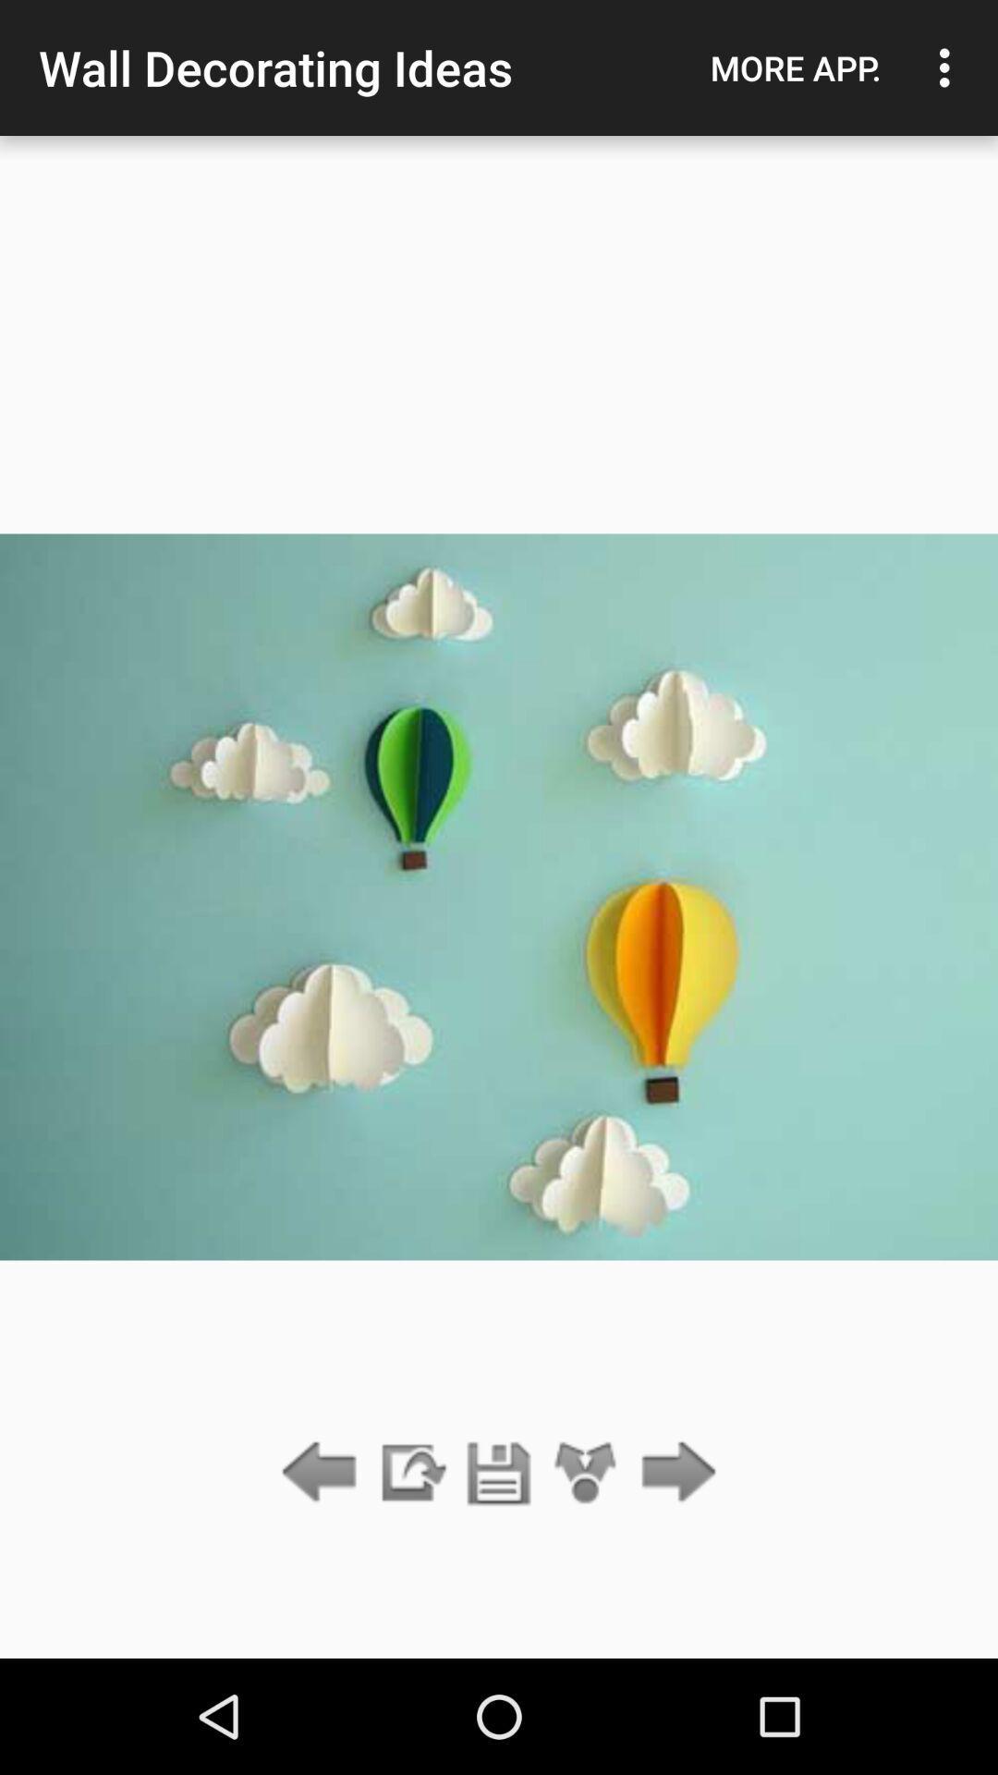 This screenshot has width=998, height=1775. What do you see at coordinates (949, 67) in the screenshot?
I see `the item to the right of more app. item` at bounding box center [949, 67].